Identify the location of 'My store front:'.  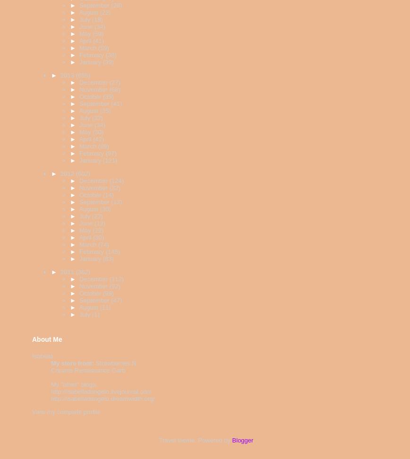
(72, 363).